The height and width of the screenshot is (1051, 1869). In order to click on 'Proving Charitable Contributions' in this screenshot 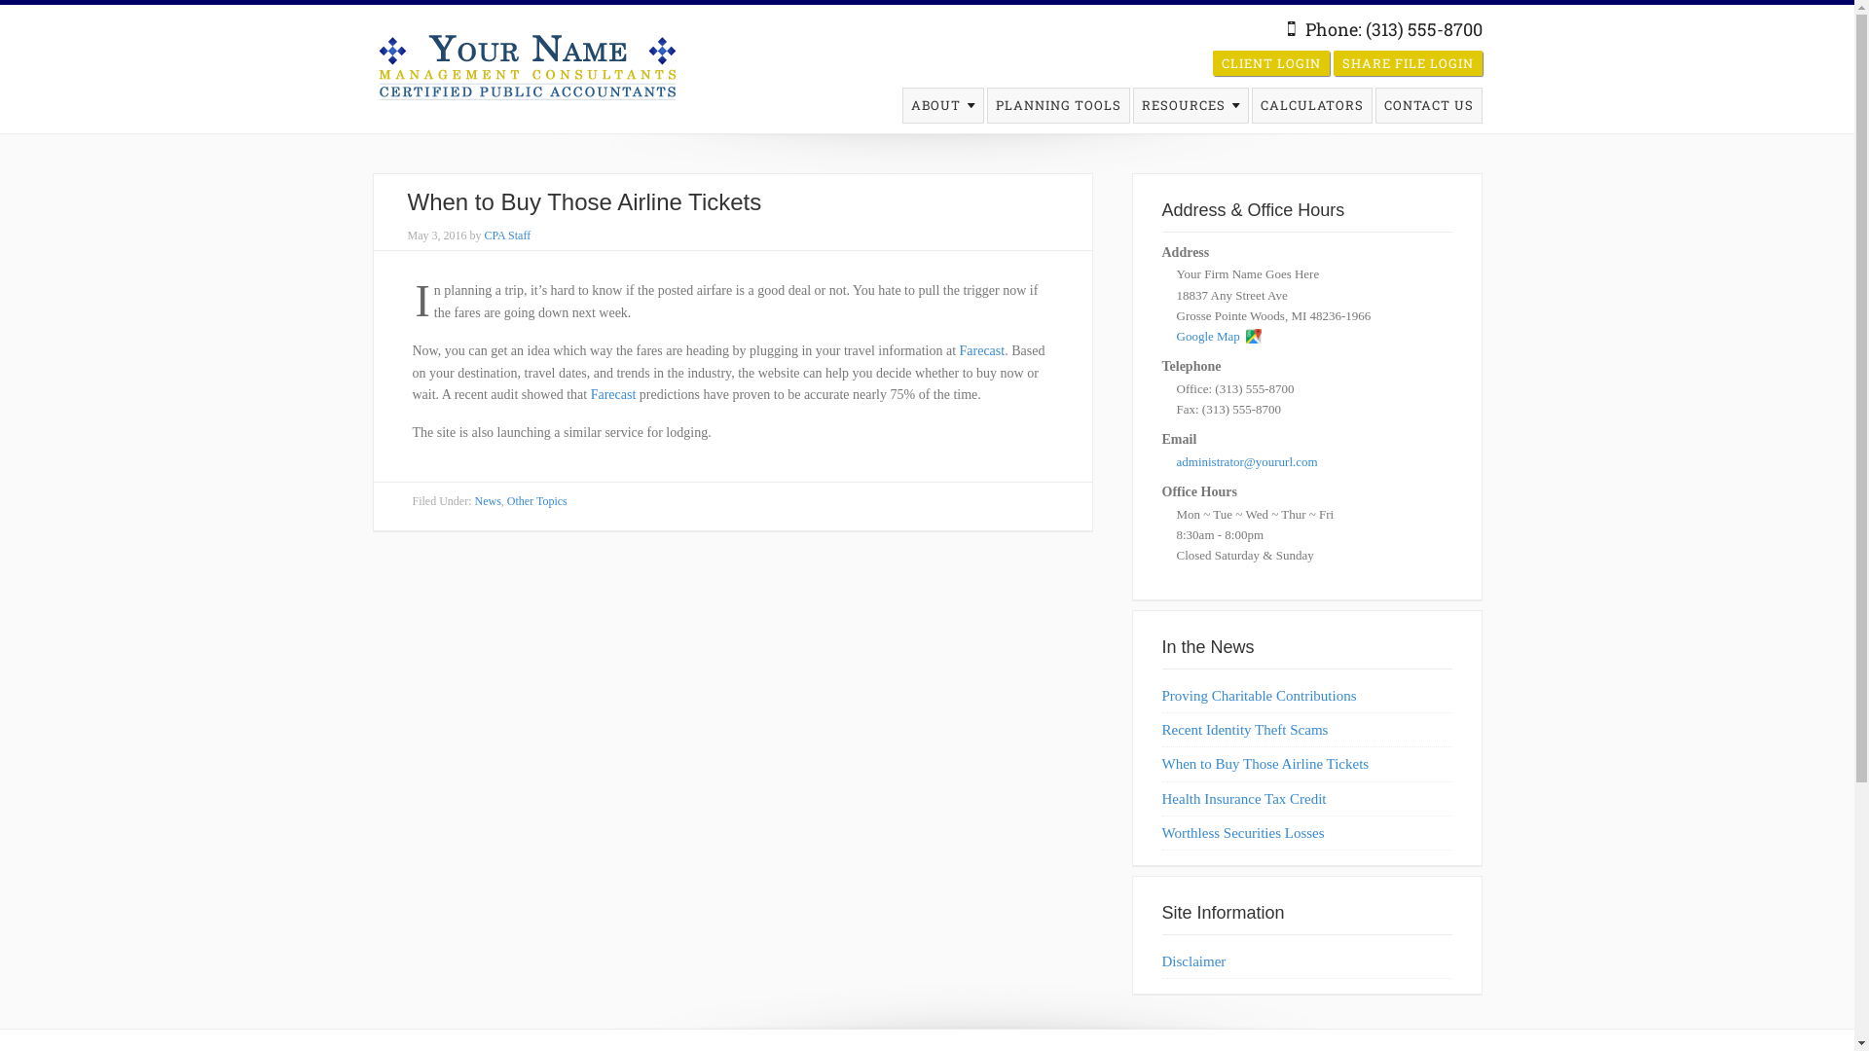, I will do `click(1162, 694)`.